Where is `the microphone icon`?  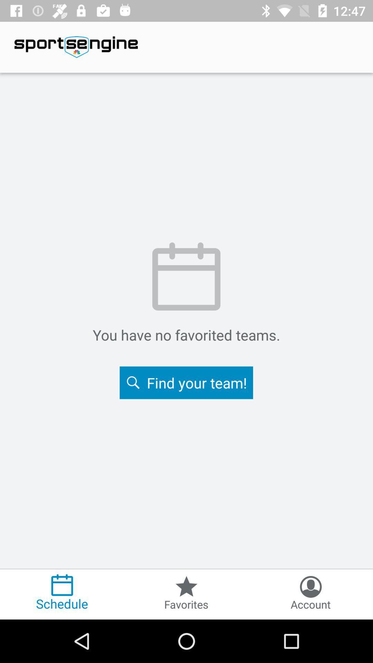
the microphone icon is located at coordinates (310, 594).